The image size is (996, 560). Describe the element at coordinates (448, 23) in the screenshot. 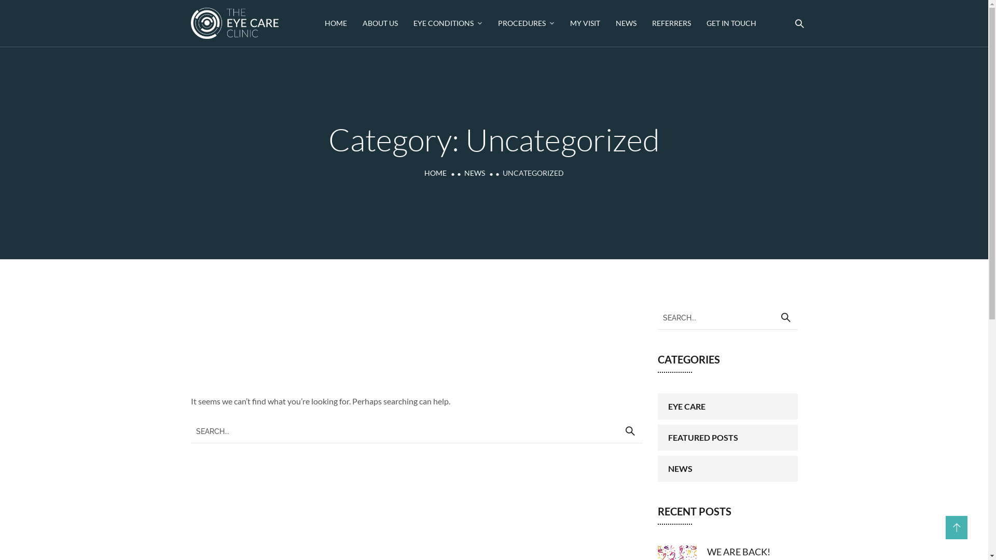

I see `'EYE CONDITIONS'` at that location.